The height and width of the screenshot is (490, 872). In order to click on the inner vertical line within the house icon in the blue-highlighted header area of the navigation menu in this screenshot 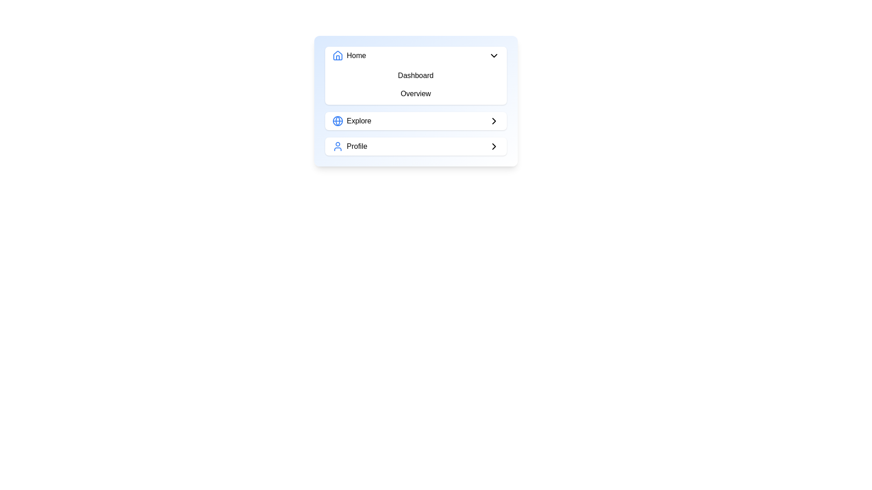, I will do `click(337, 58)`.